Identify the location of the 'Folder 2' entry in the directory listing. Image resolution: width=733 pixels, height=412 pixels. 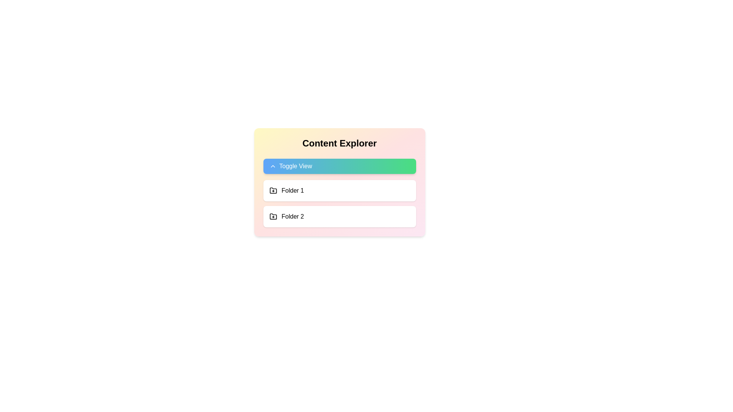
(286, 216).